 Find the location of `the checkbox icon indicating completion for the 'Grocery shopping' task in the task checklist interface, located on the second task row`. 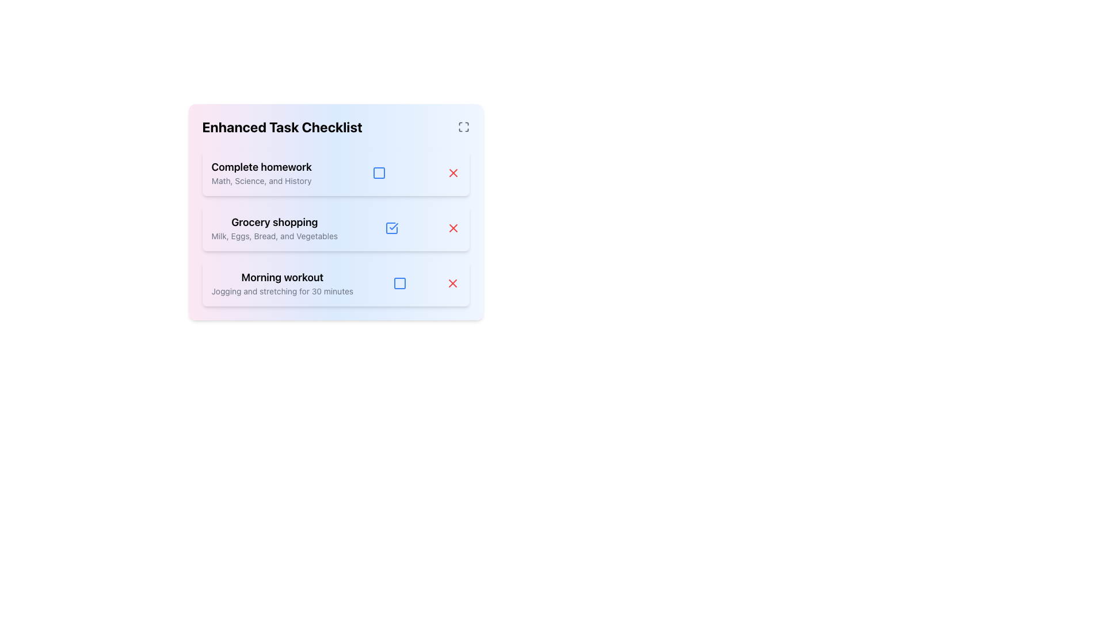

the checkbox icon indicating completion for the 'Grocery shopping' task in the task checklist interface, located on the second task row is located at coordinates (394, 226).